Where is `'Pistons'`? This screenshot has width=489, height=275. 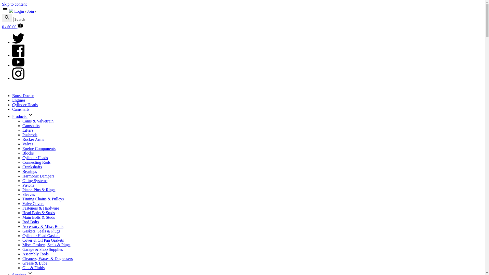 'Pistons' is located at coordinates (22, 185).